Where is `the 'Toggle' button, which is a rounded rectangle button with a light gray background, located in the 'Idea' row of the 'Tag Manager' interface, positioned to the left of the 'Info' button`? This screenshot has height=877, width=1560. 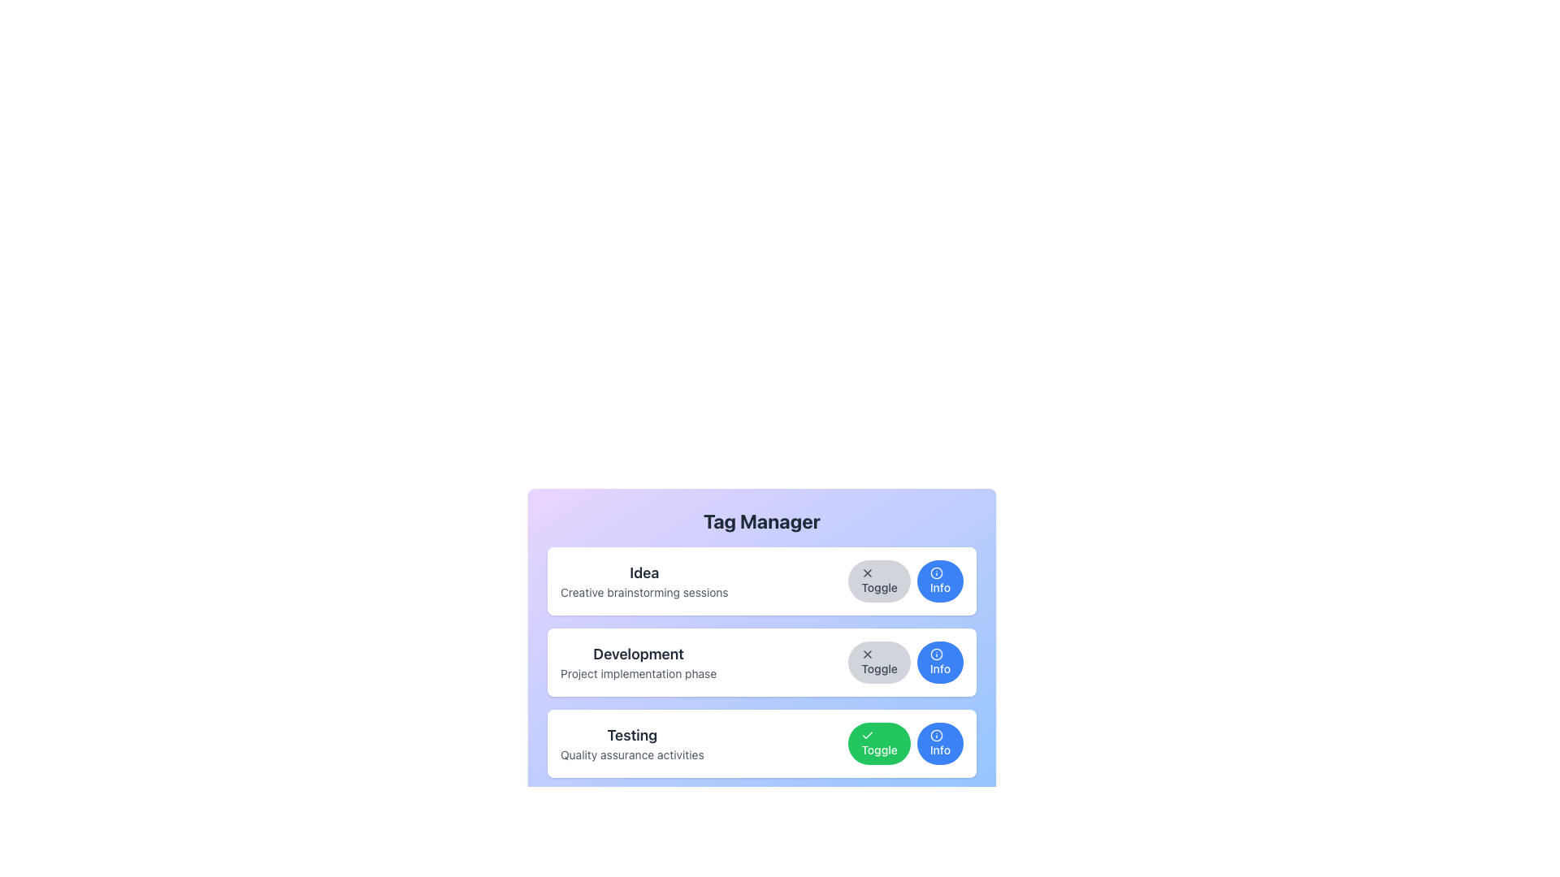 the 'Toggle' button, which is a rounded rectangle button with a light gray background, located in the 'Idea' row of the 'Tag Manager' interface, positioned to the left of the 'Info' button is located at coordinates (878, 581).